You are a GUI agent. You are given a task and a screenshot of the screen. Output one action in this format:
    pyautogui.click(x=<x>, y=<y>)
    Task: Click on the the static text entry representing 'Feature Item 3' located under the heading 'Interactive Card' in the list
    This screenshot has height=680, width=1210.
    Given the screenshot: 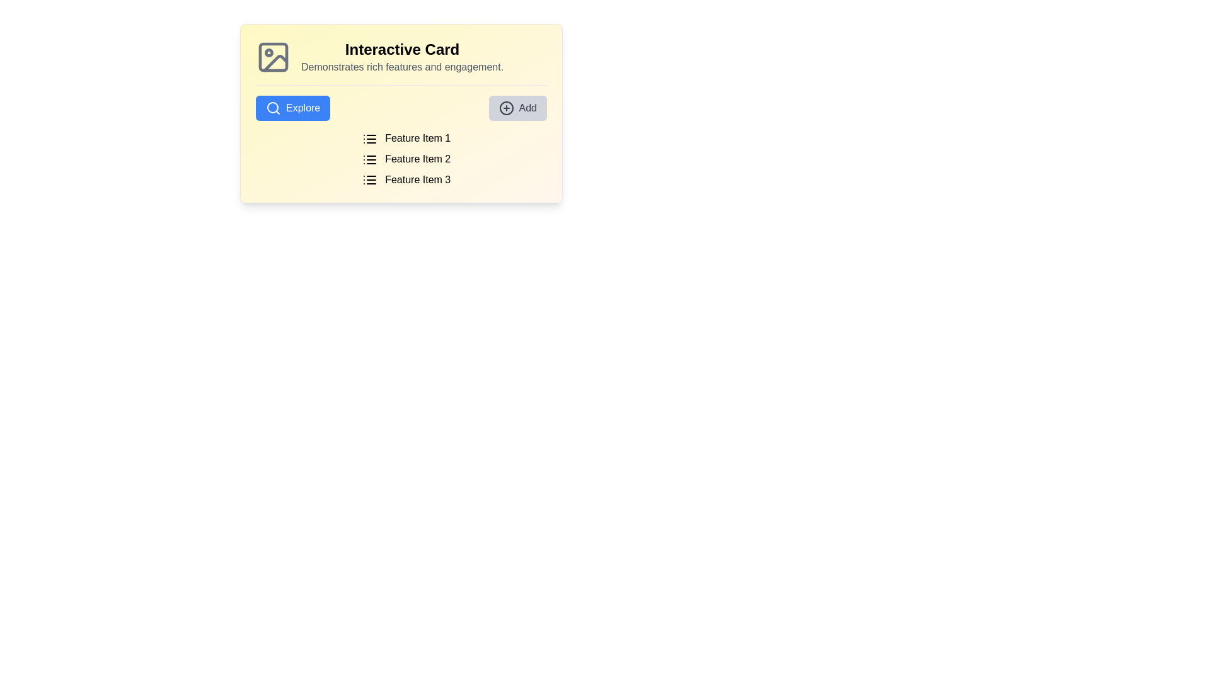 What is the action you would take?
    pyautogui.click(x=406, y=179)
    